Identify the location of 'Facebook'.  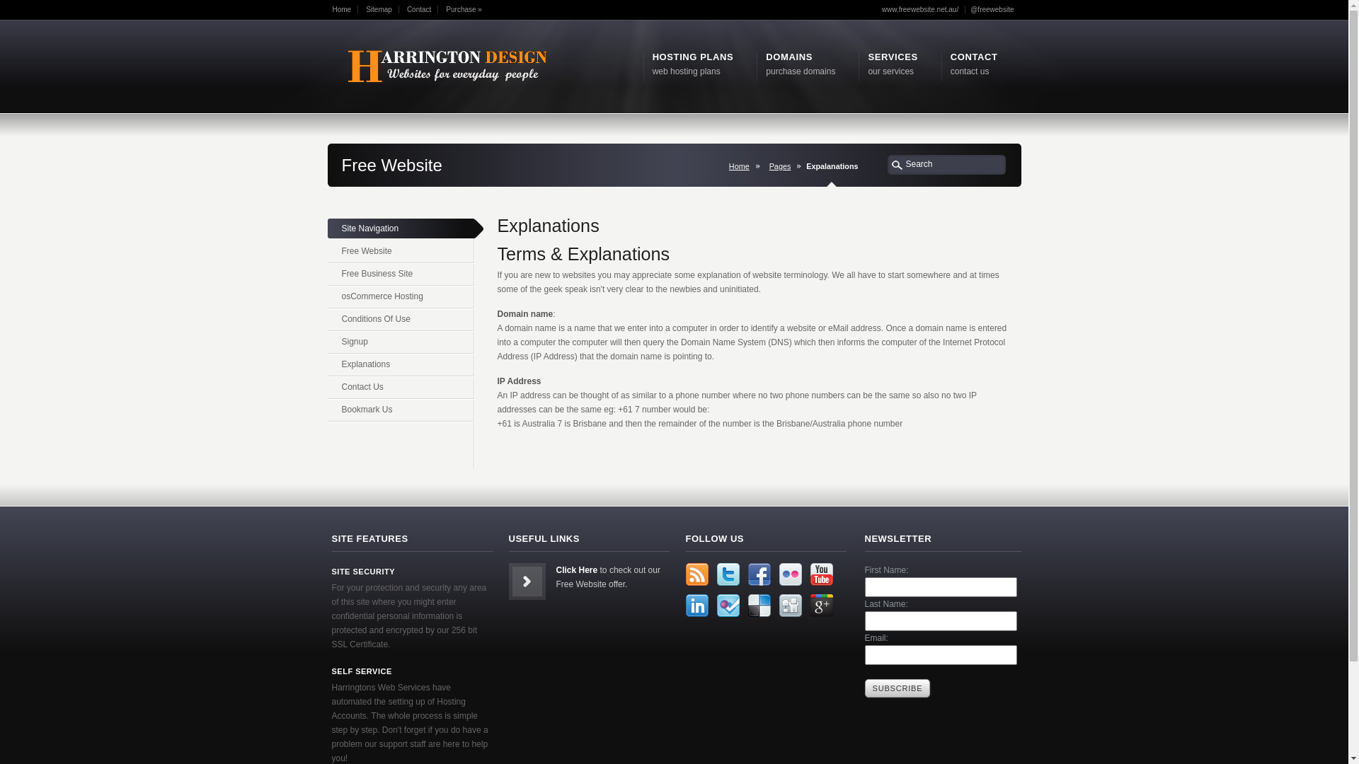
(757, 574).